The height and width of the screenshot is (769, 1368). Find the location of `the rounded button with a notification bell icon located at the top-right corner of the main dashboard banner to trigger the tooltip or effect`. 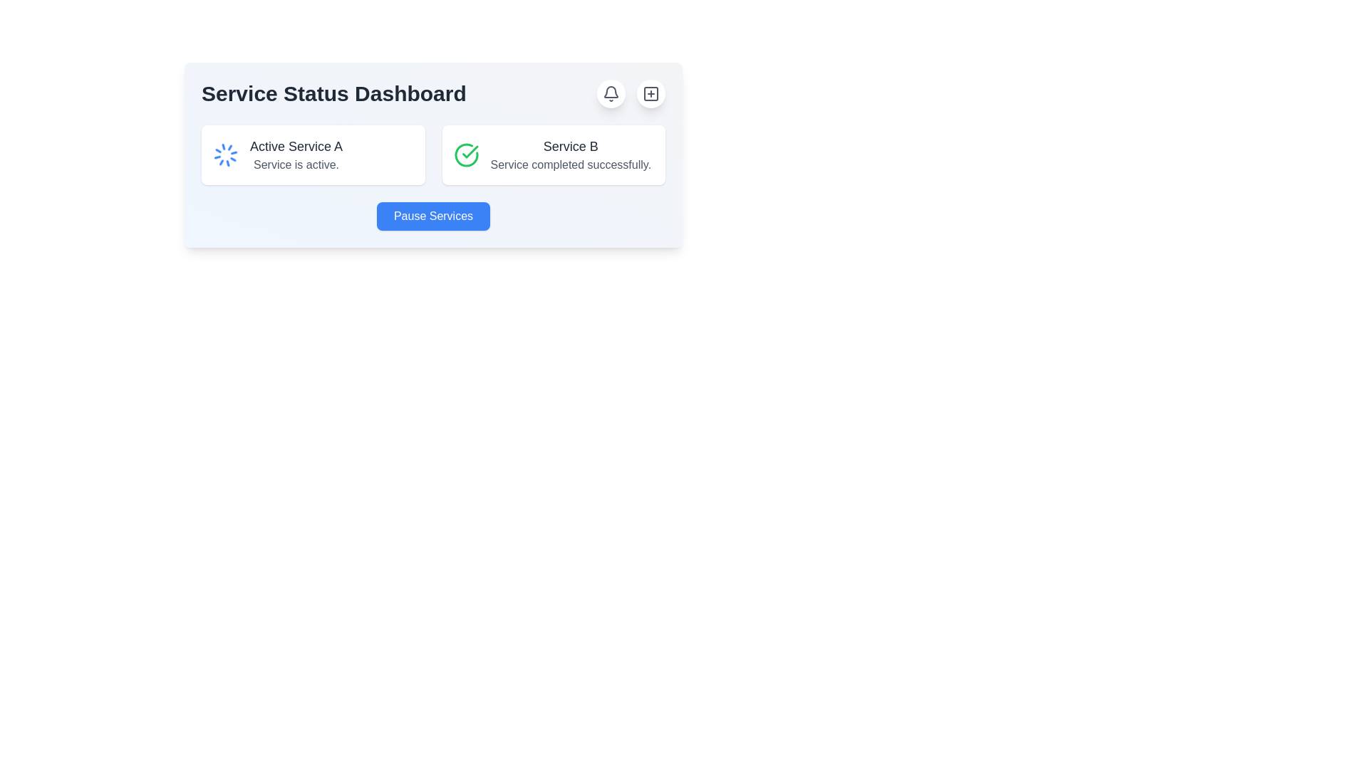

the rounded button with a notification bell icon located at the top-right corner of the main dashboard banner to trigger the tooltip or effect is located at coordinates (611, 93).